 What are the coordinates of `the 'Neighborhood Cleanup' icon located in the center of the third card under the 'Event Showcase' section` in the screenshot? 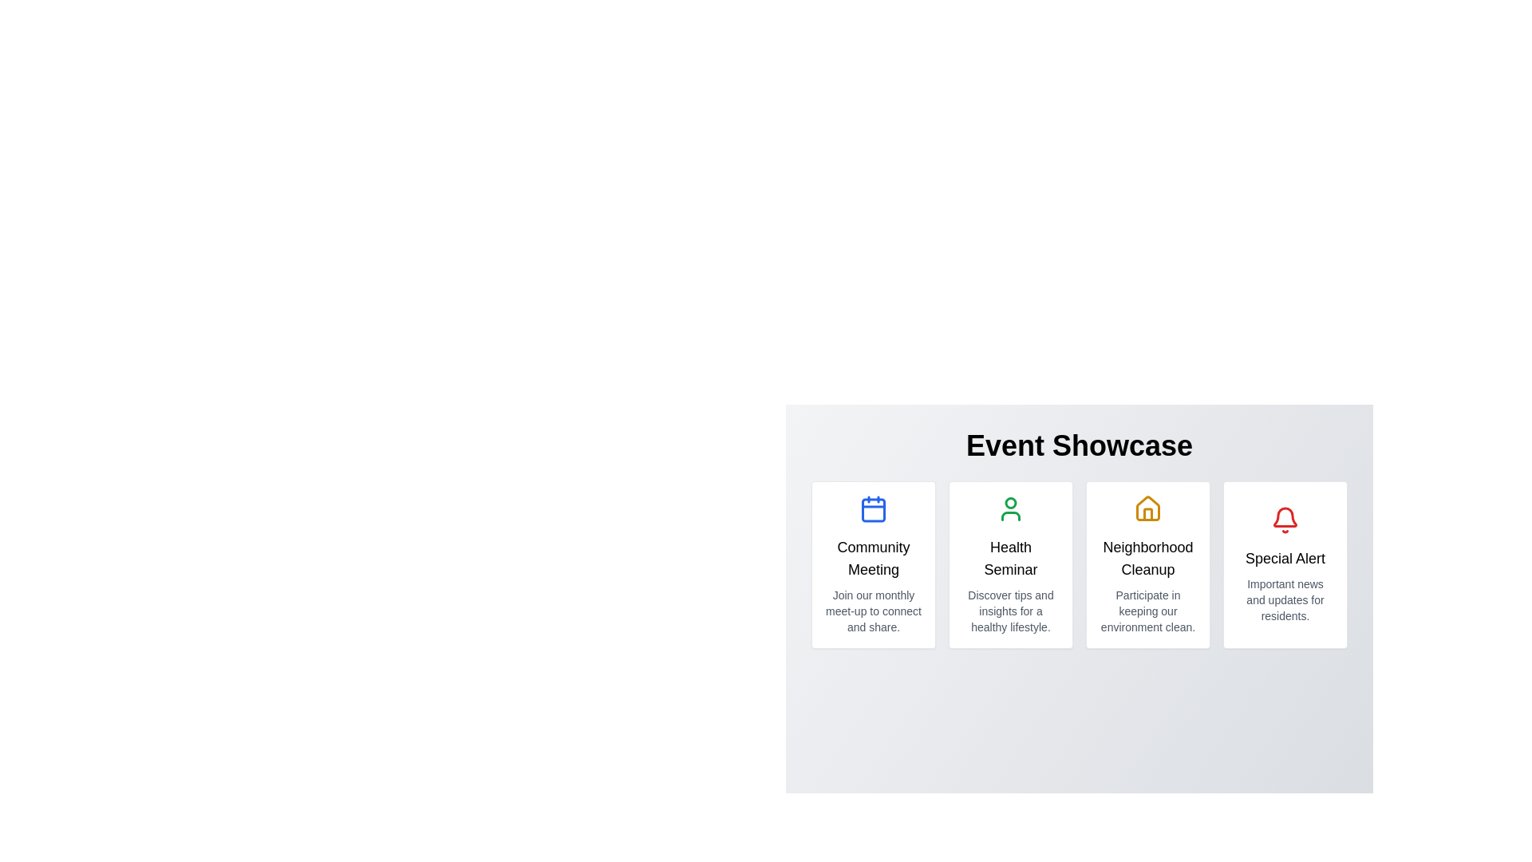 It's located at (1147, 508).